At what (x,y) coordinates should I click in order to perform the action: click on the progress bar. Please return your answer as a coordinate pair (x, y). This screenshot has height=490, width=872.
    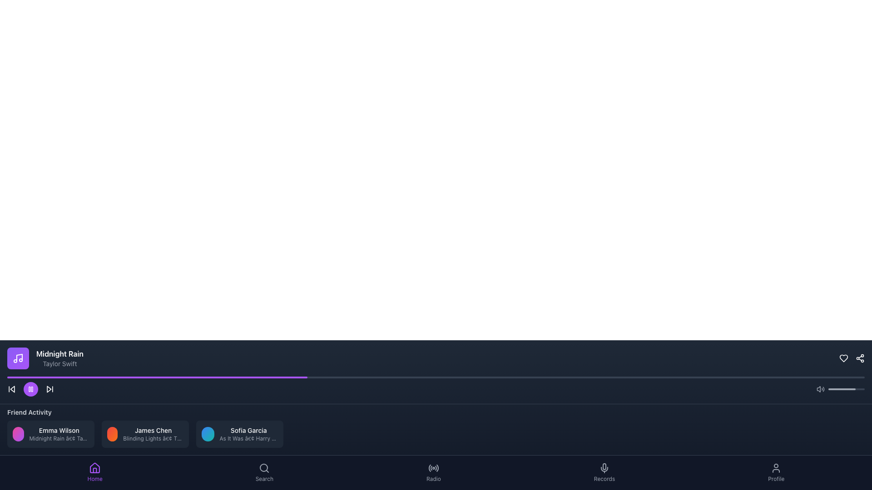
    Looking at the image, I should click on (701, 377).